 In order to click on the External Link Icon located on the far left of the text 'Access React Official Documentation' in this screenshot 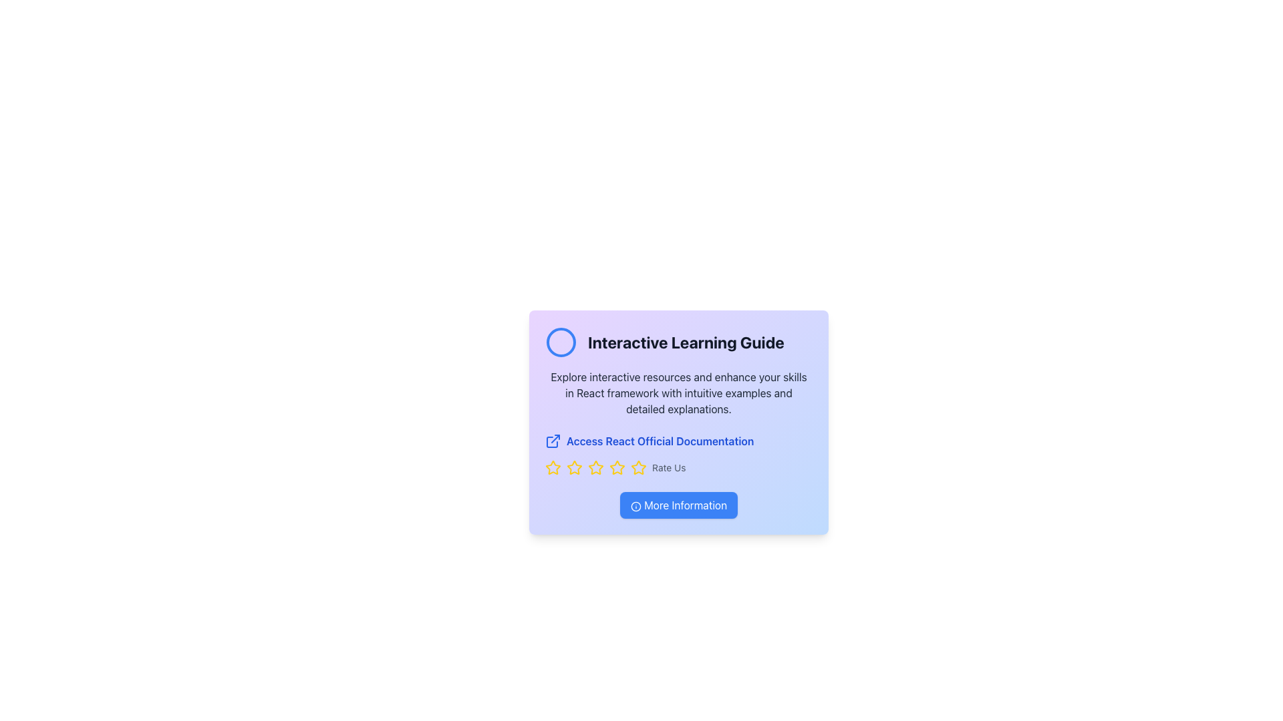, I will do `click(553, 441)`.